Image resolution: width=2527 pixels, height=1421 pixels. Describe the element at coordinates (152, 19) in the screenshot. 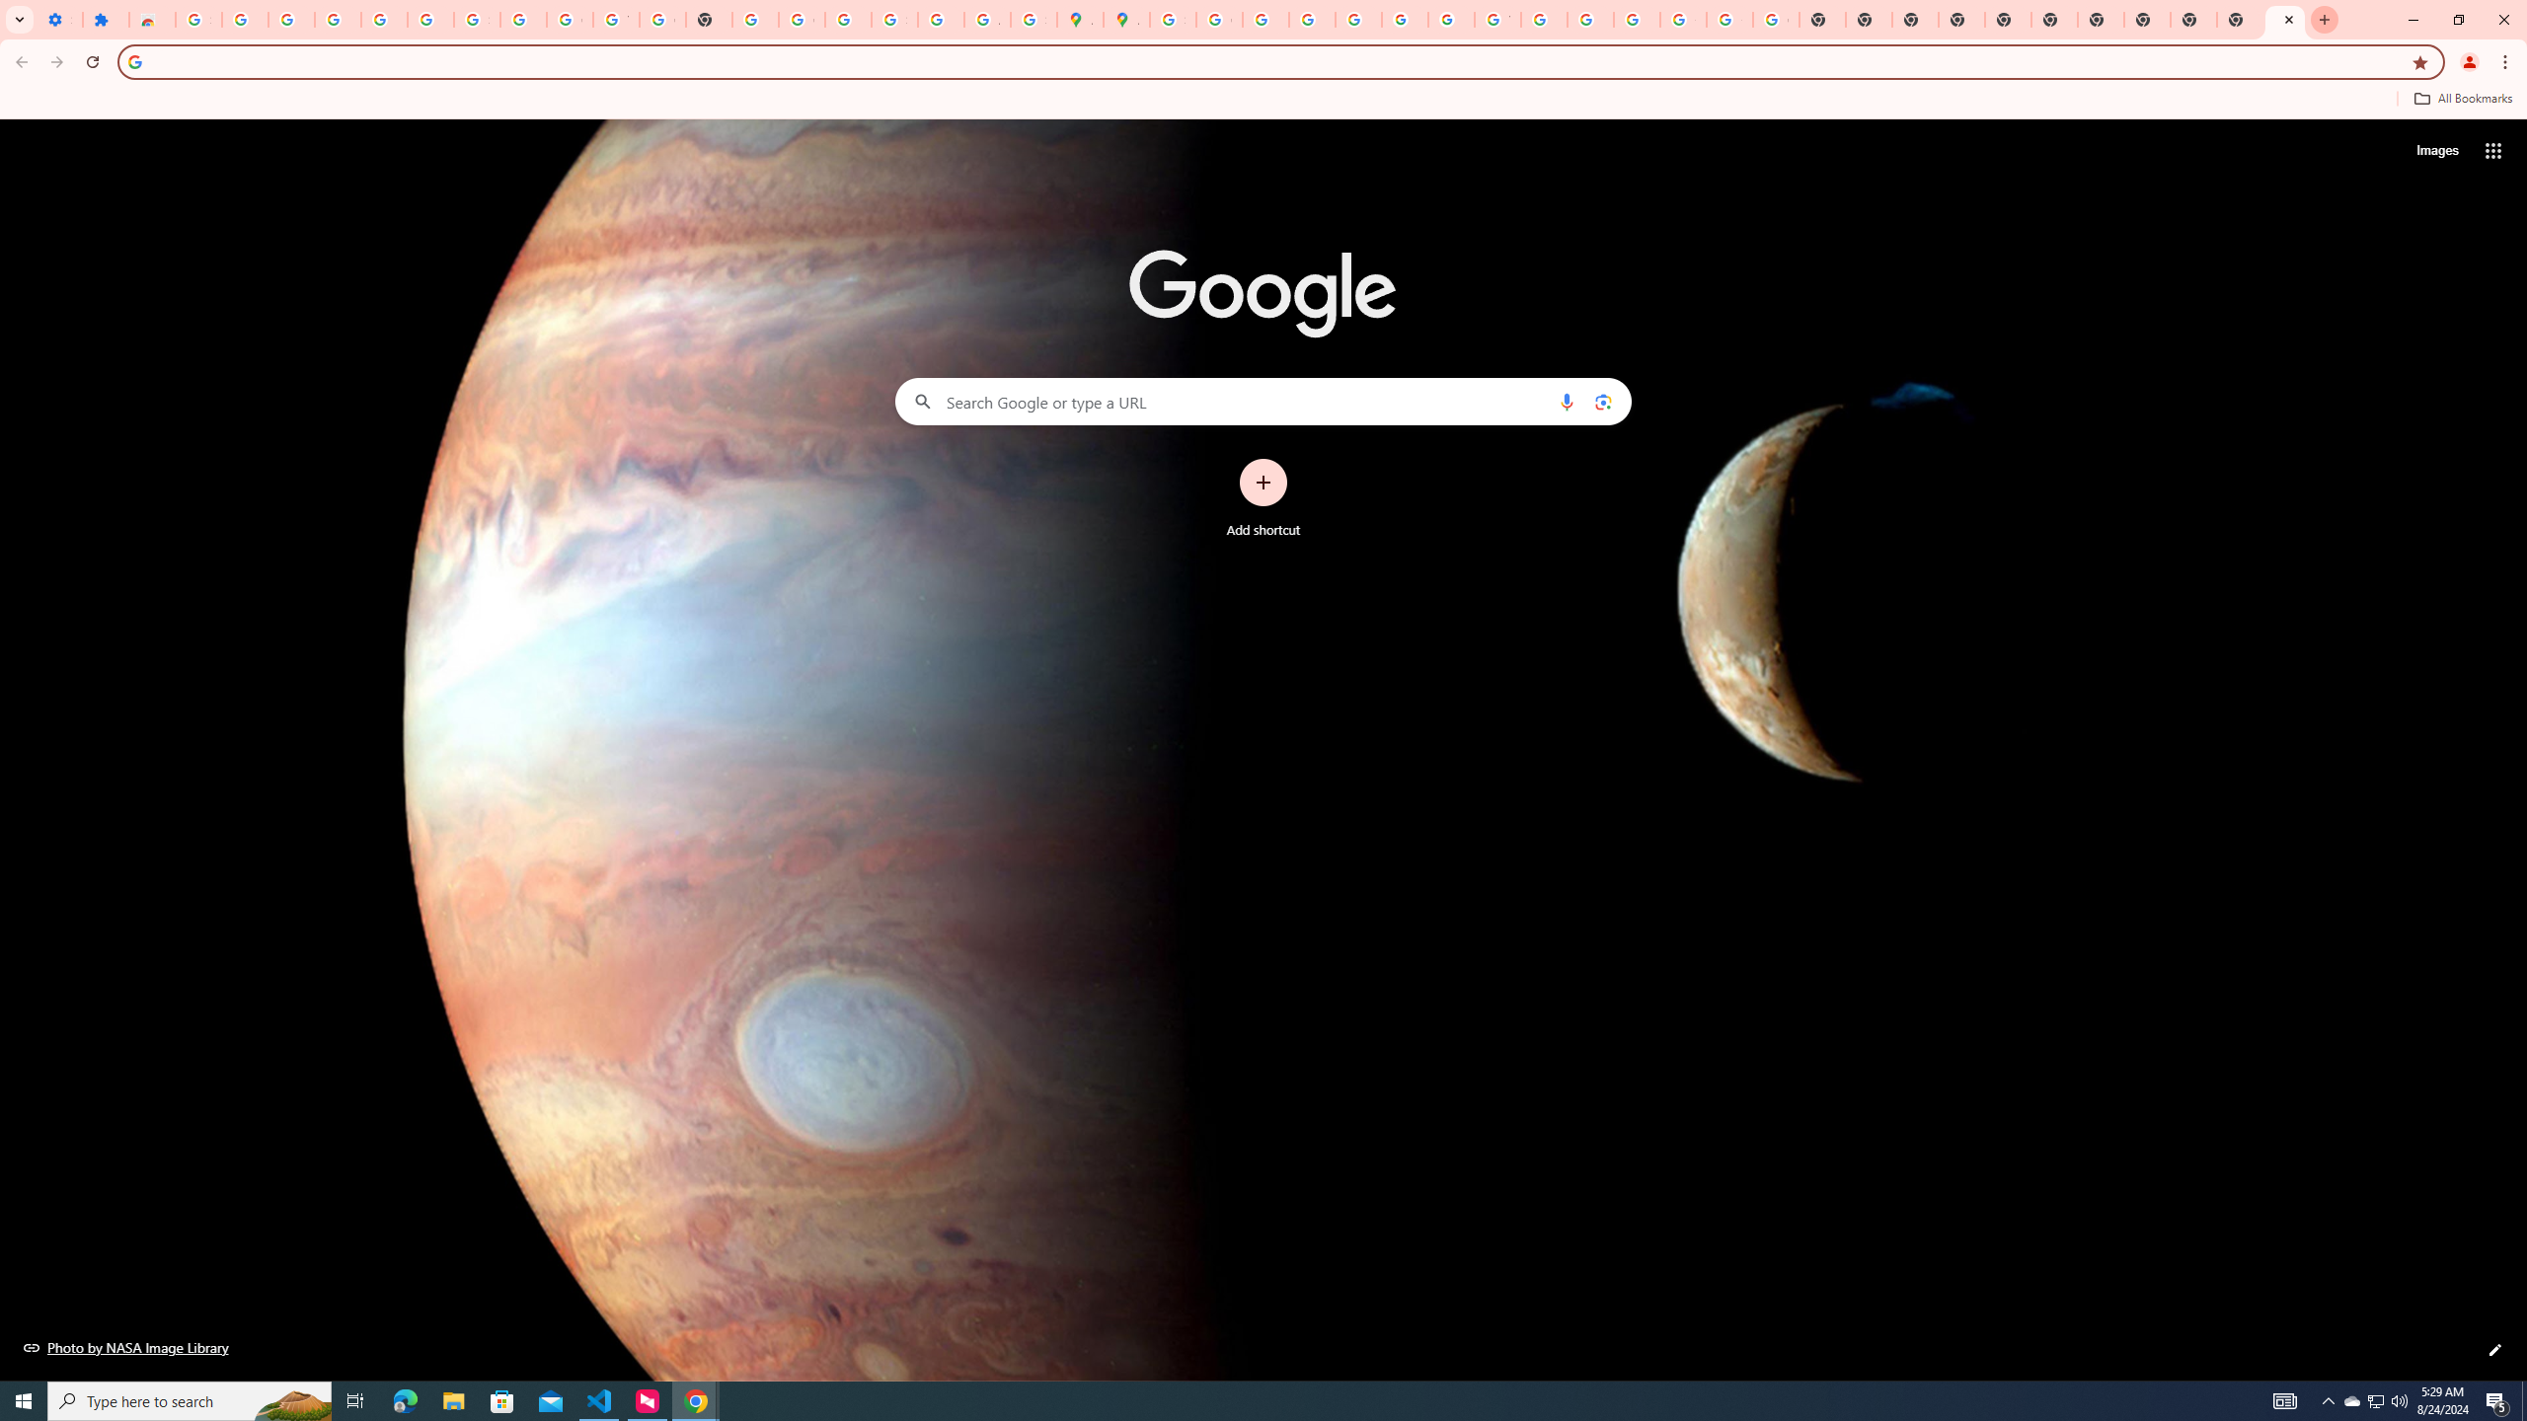

I see `'Reviews: Helix Fruit Jump Arcade Game'` at that location.